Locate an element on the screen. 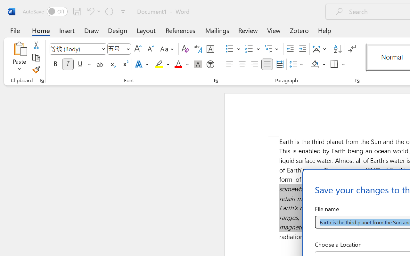 Image resolution: width=410 pixels, height=256 pixels. 'Help' is located at coordinates (324, 30).